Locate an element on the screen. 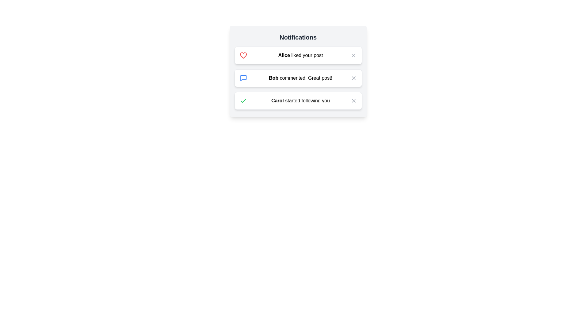  the dismiss button located at the far-right end of the 'Carol started following you' notification in the third row of the notifications list is located at coordinates (353, 100).